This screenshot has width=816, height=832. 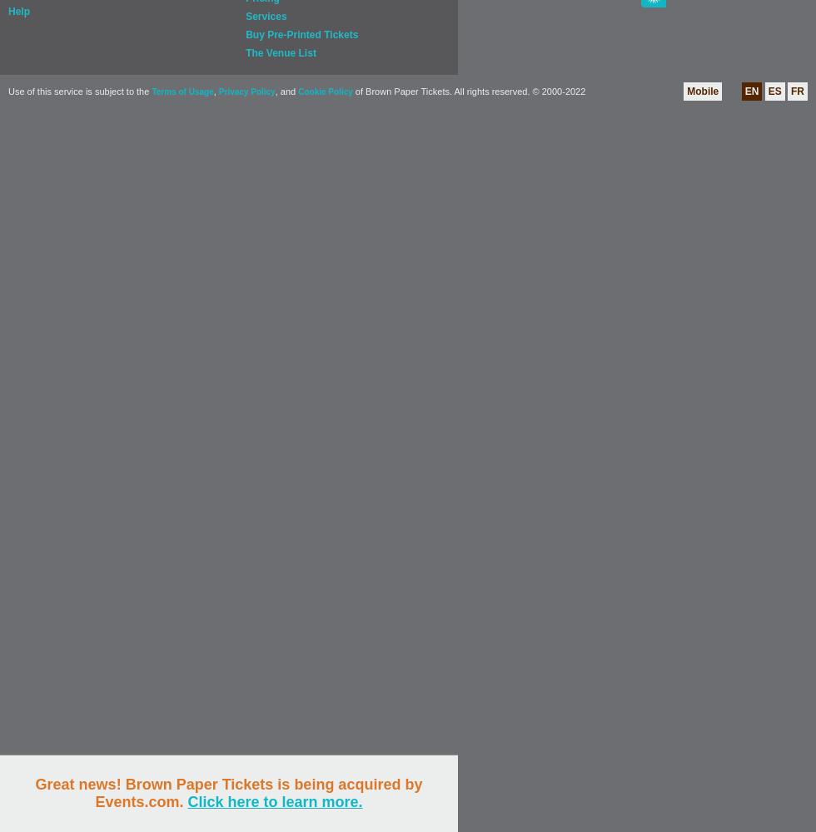 I want to click on 'Cookie Policy', so click(x=325, y=91).